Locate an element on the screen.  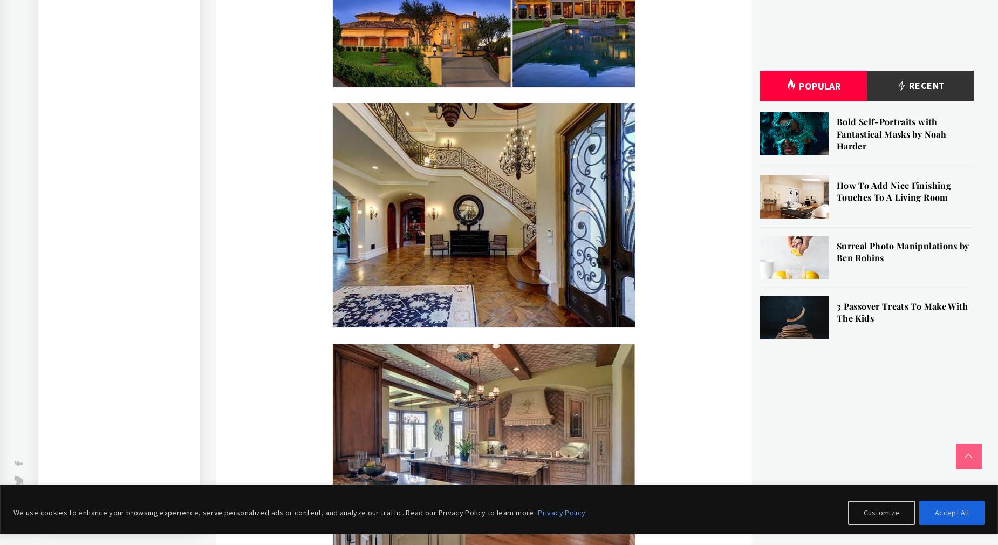
'Accept All' is located at coordinates (952, 513).